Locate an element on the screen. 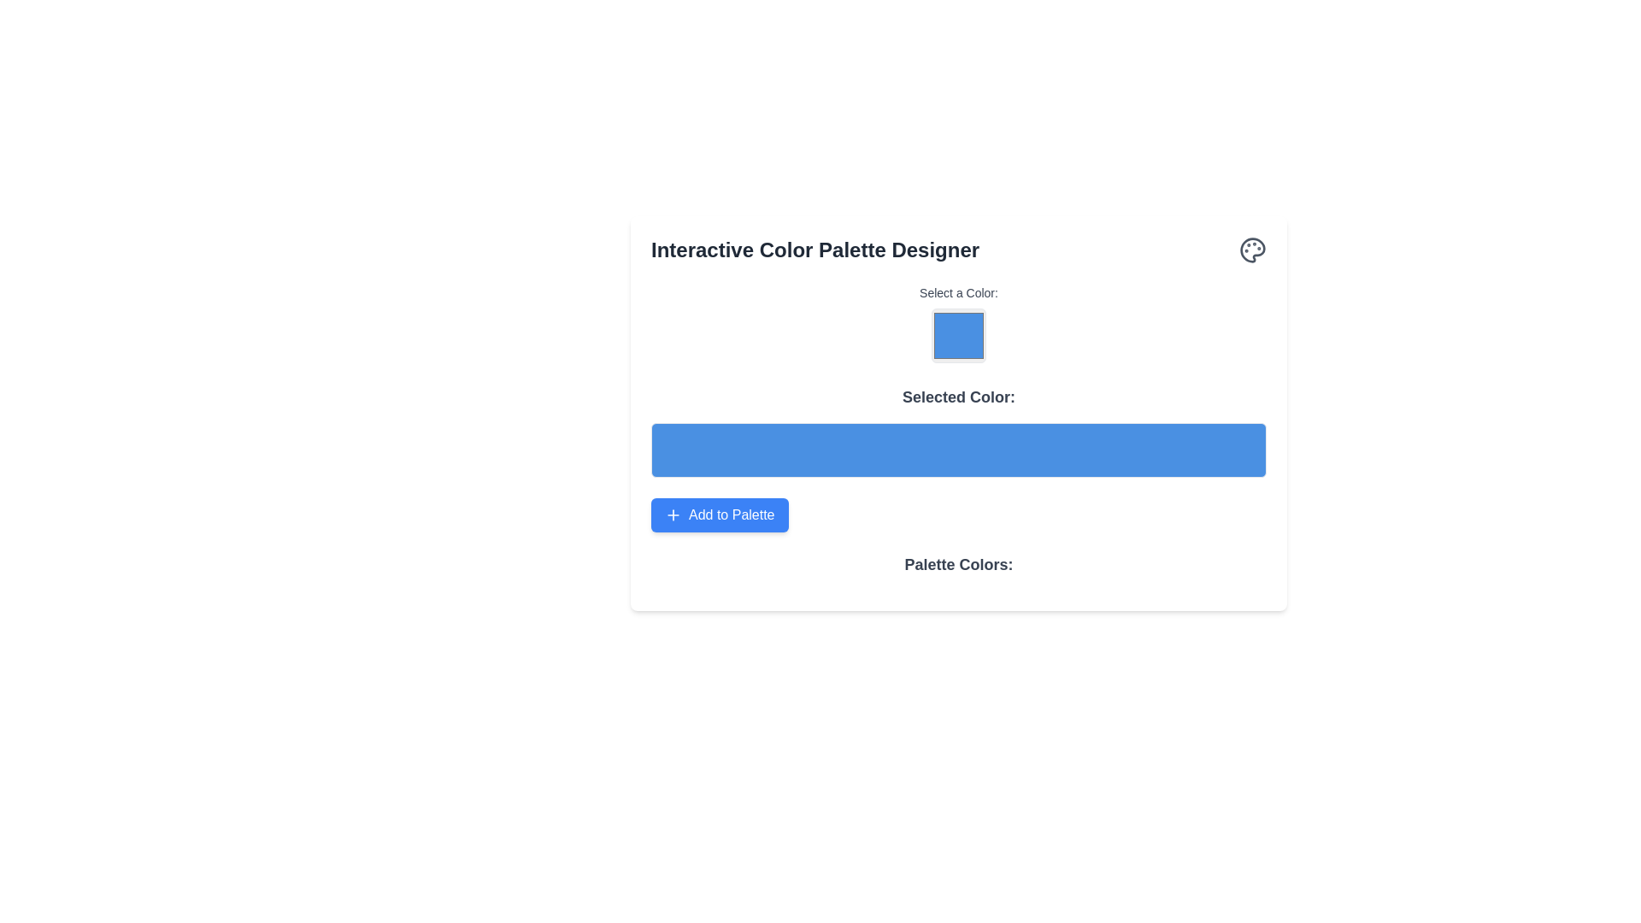  the text element at the top of the color palette designer interface is located at coordinates (959, 250).